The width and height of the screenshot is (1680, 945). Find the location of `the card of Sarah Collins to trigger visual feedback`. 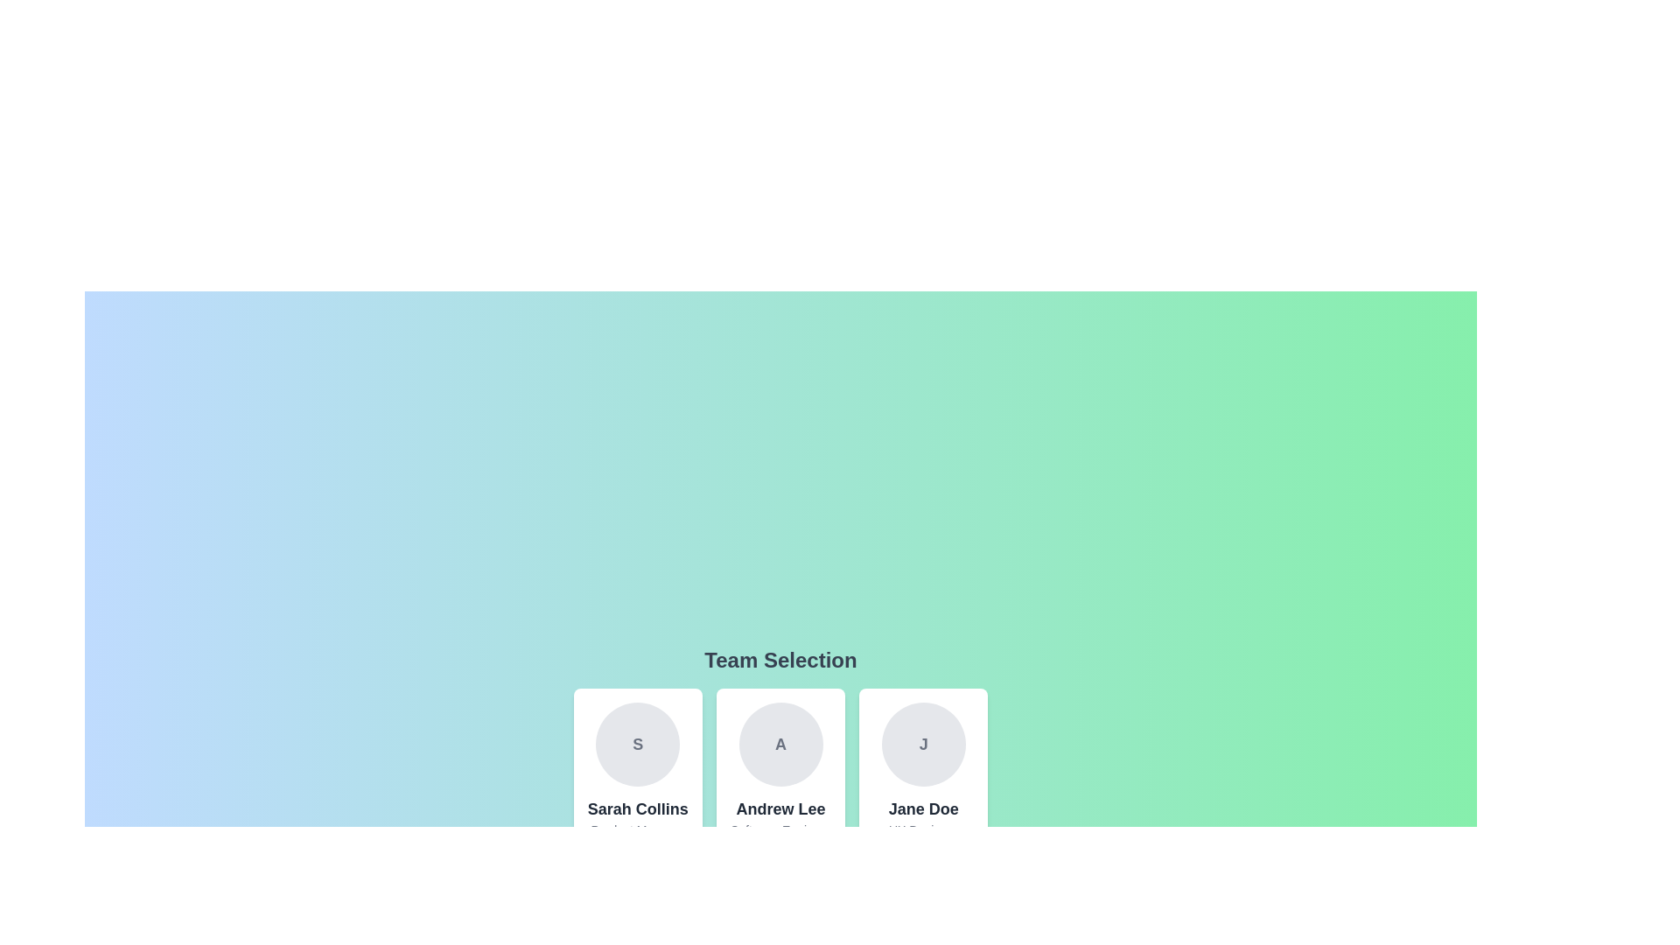

the card of Sarah Collins to trigger visual feedback is located at coordinates (637, 784).